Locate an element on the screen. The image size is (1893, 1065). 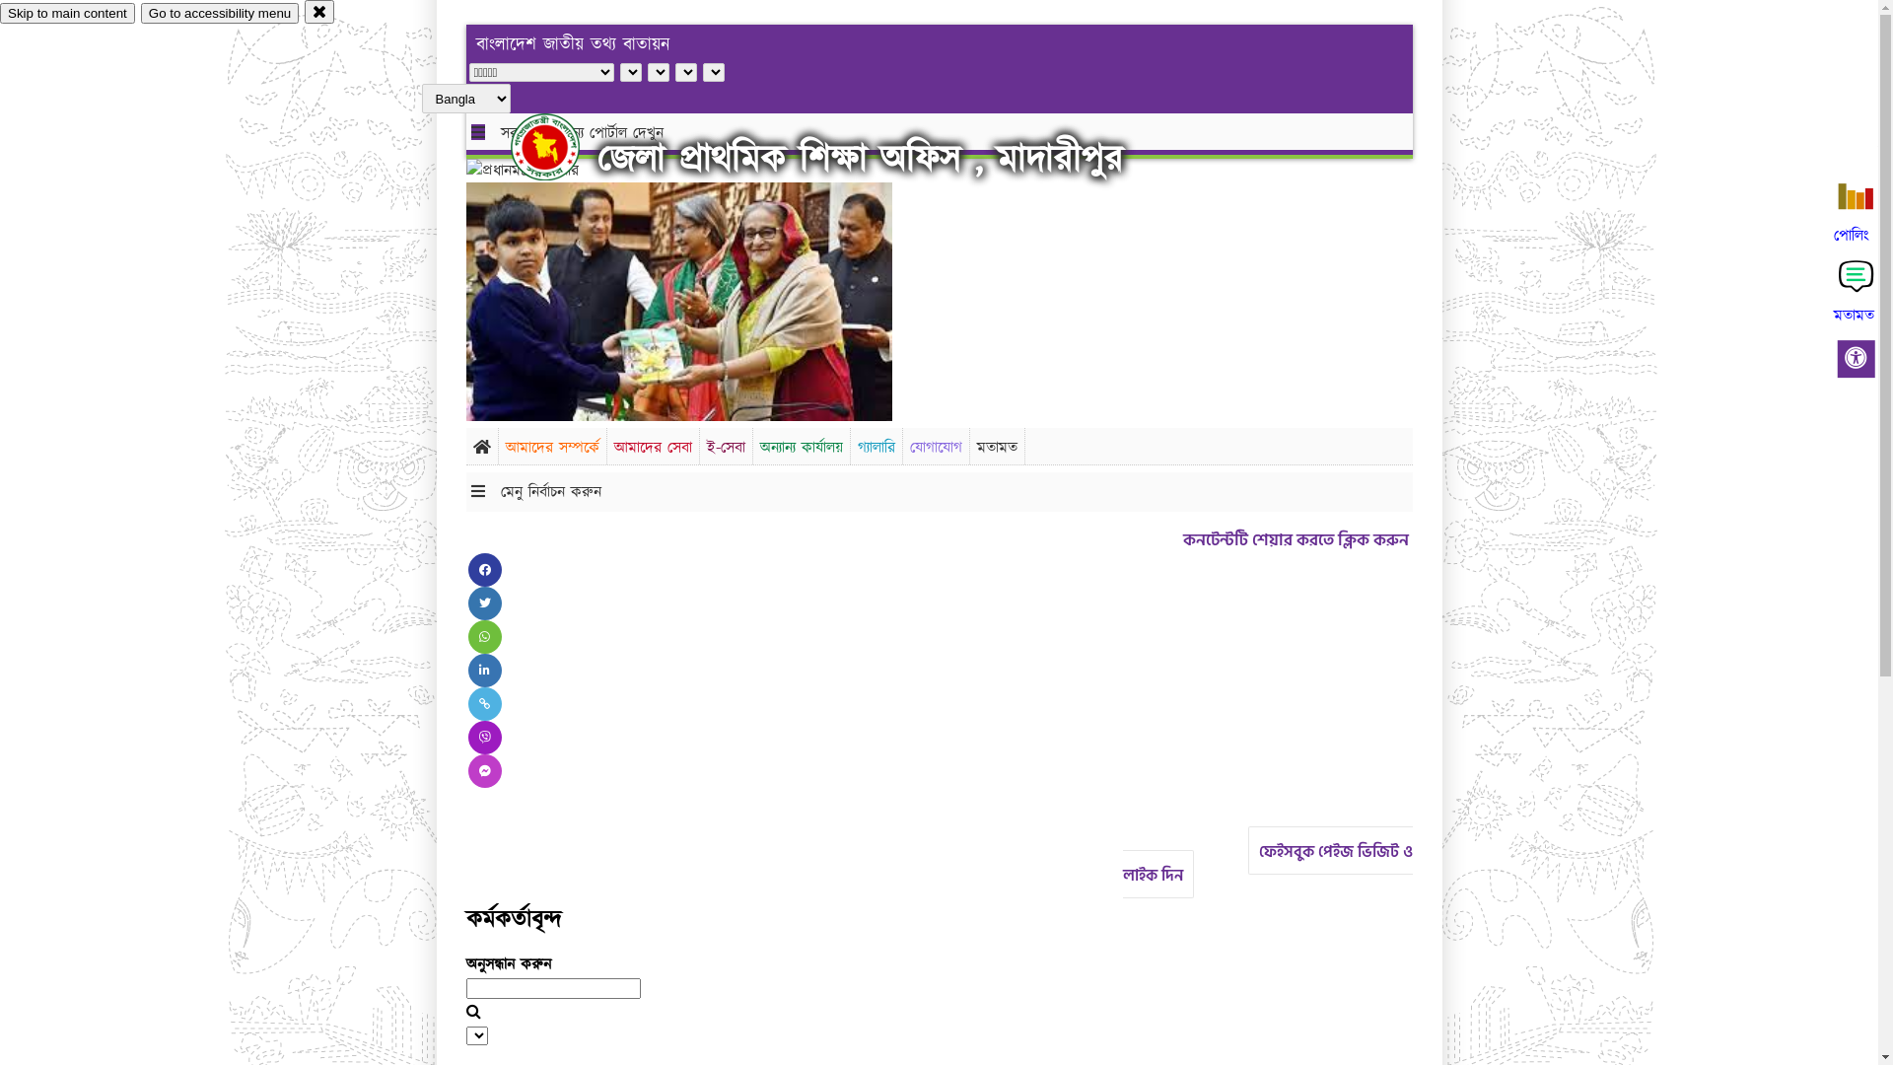
' is located at coordinates (511, 146).